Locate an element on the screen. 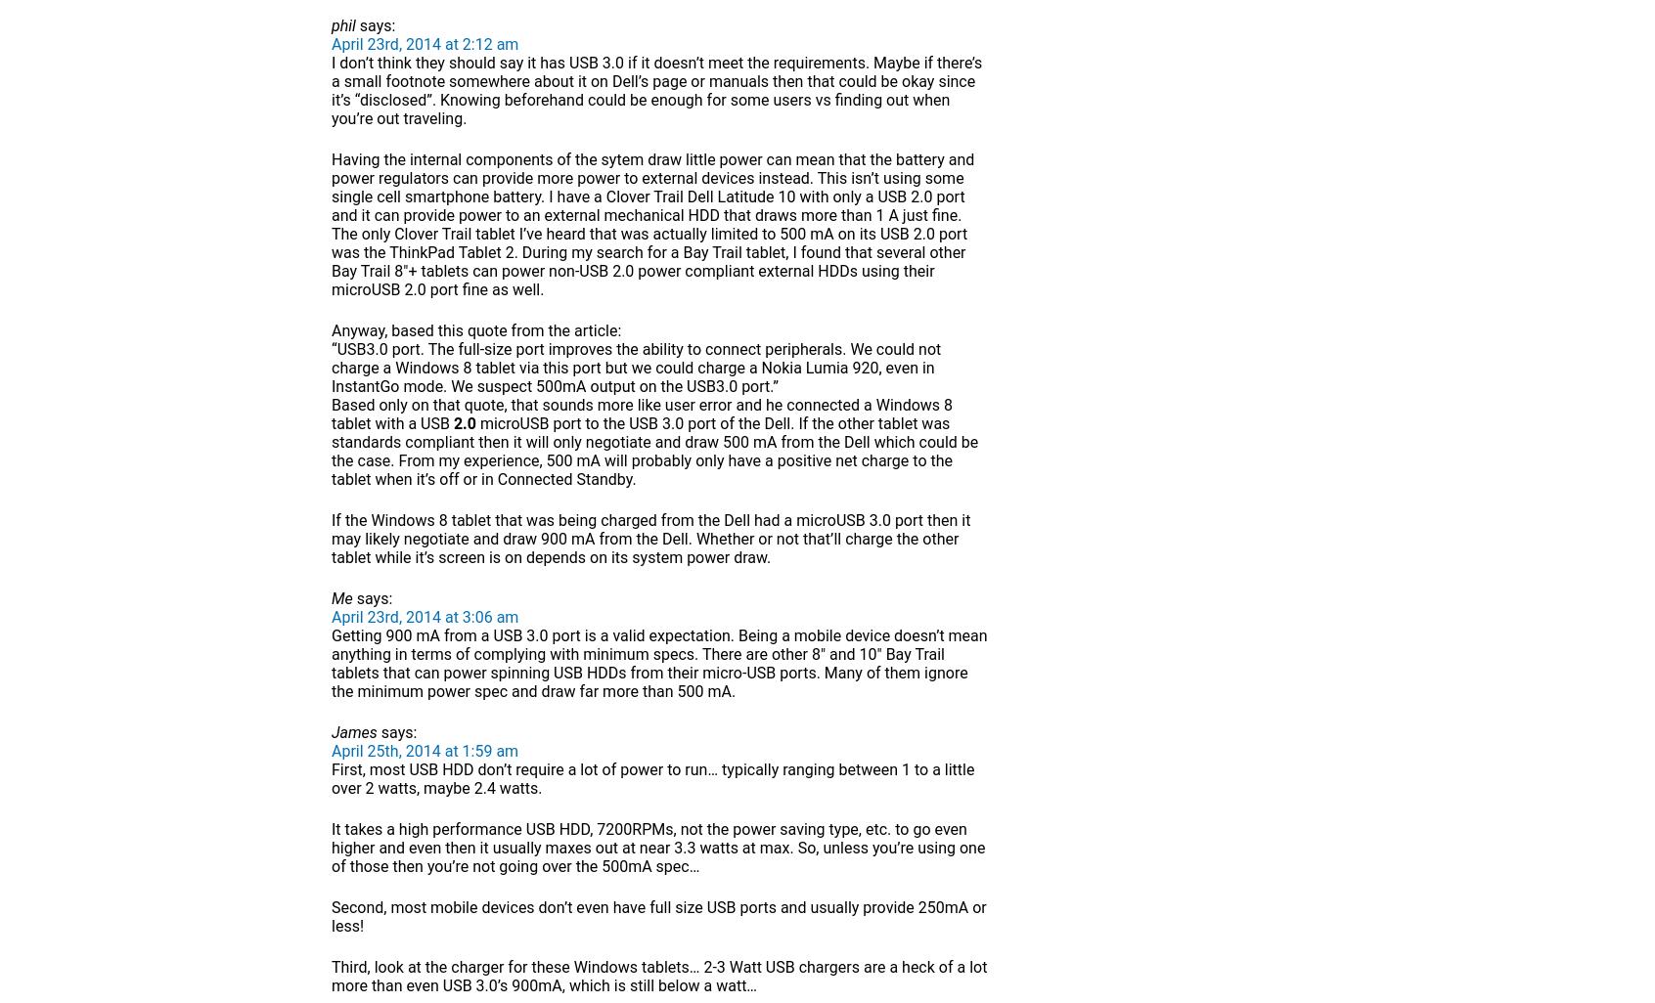 This screenshot has width=1655, height=1003. 'First, most USB HDD don’t require a lot of power to run… typically ranging between 1 to a little over 2 watts, maybe 2.4 watts.' is located at coordinates (652, 777).